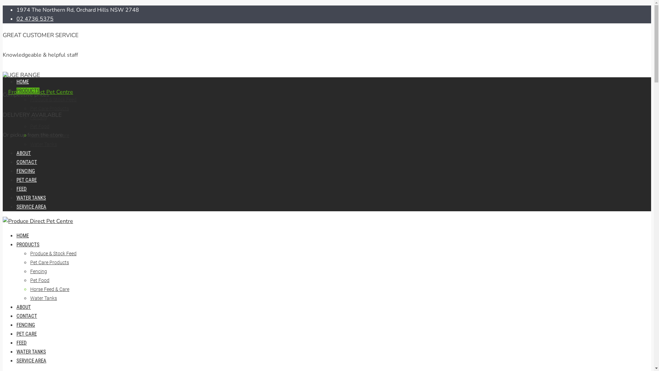 The height and width of the screenshot is (371, 659). What do you see at coordinates (16, 325) in the screenshot?
I see `'FENCING'` at bounding box center [16, 325].